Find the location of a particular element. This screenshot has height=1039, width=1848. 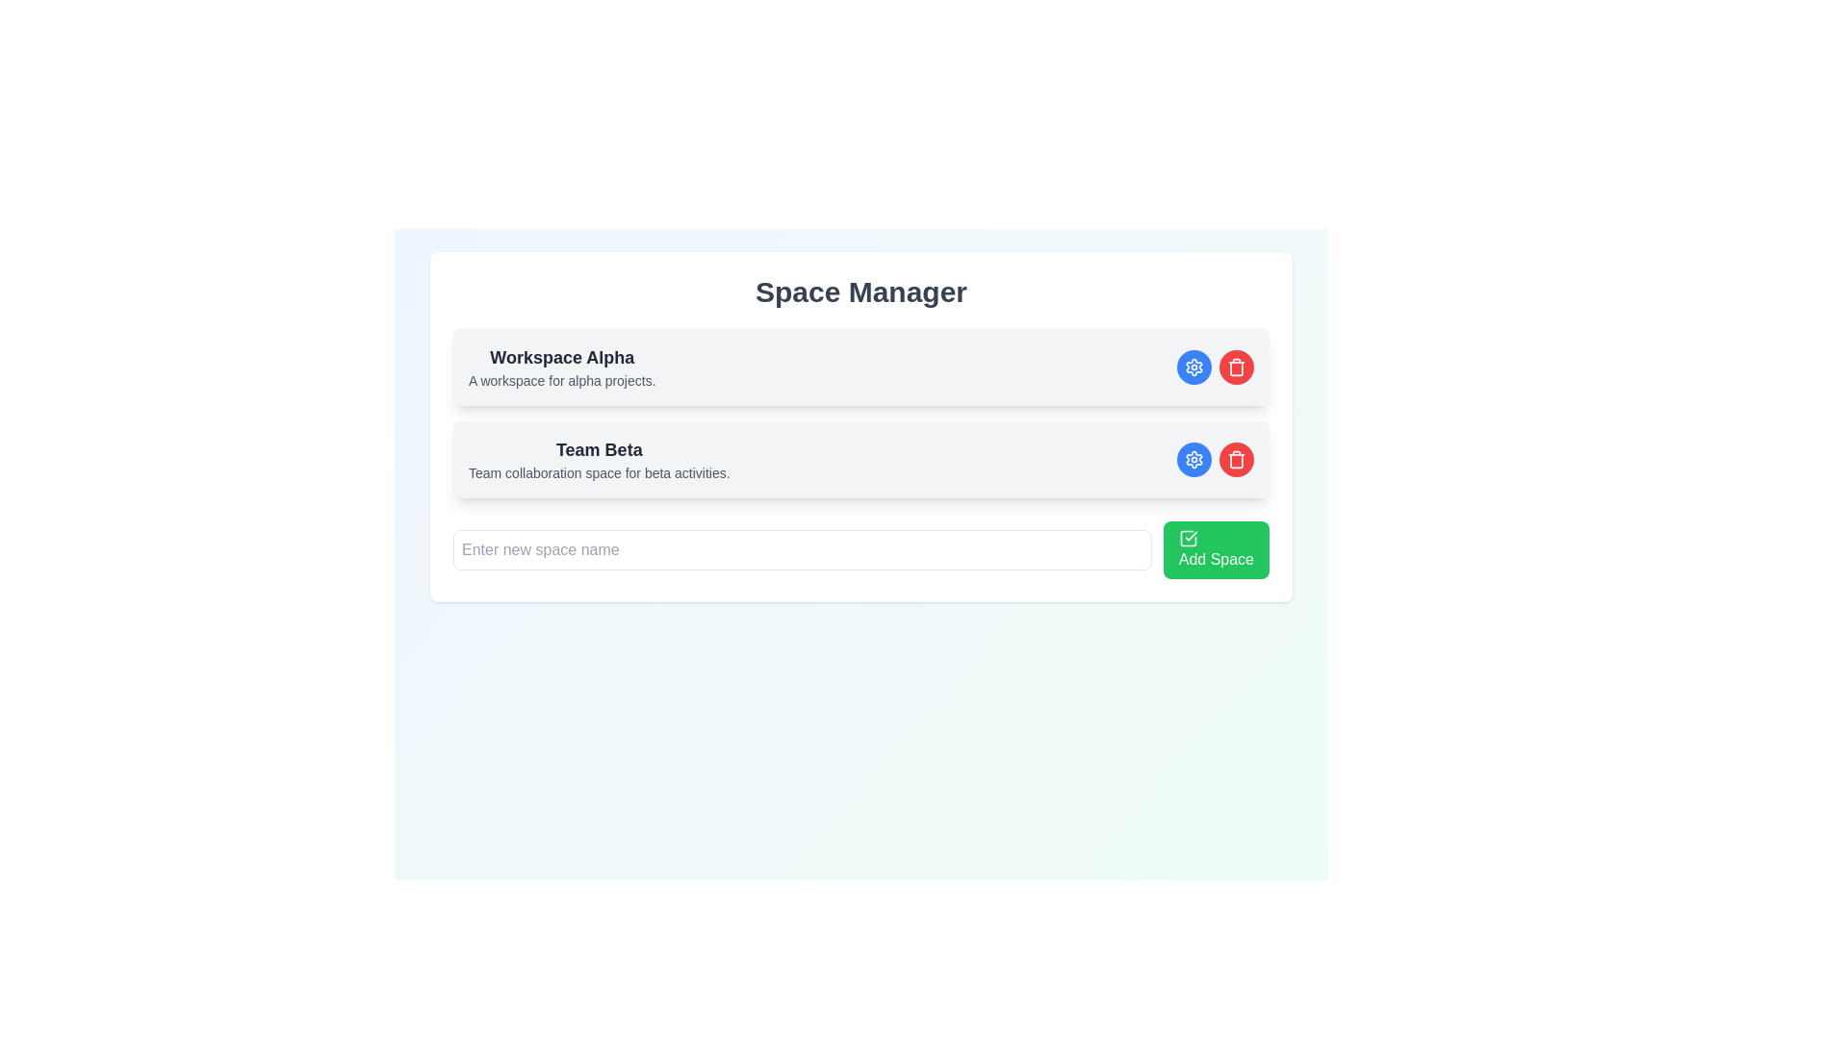

the gear icon within the blue circular button located to the right of the 'Team Beta' entry is located at coordinates (1193, 460).